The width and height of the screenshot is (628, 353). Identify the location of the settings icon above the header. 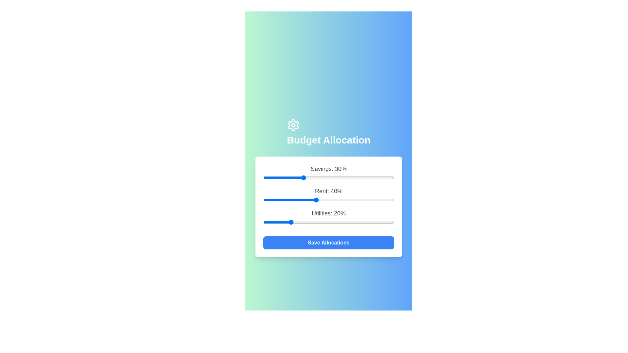
(293, 125).